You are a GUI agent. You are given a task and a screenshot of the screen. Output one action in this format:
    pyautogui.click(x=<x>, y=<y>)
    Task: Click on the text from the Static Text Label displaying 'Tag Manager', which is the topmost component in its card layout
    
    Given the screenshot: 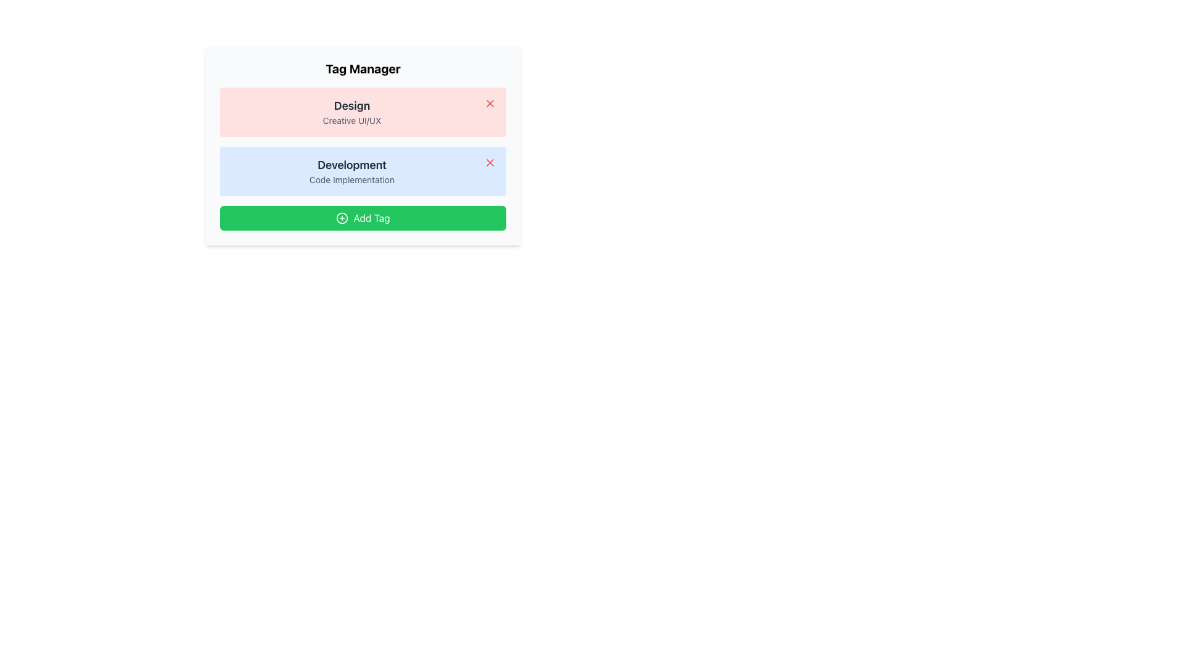 What is the action you would take?
    pyautogui.click(x=363, y=68)
    